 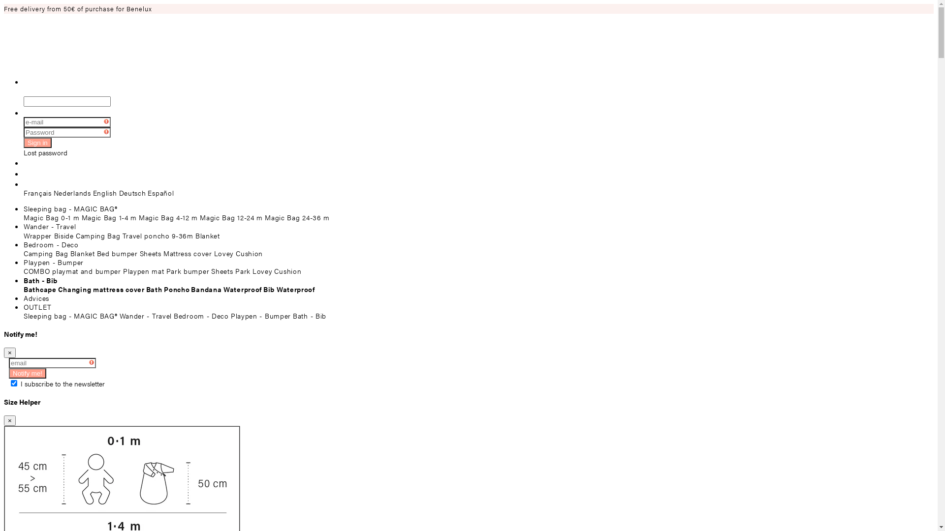 I want to click on 'COMBO playmat and bumper', so click(x=72, y=271).